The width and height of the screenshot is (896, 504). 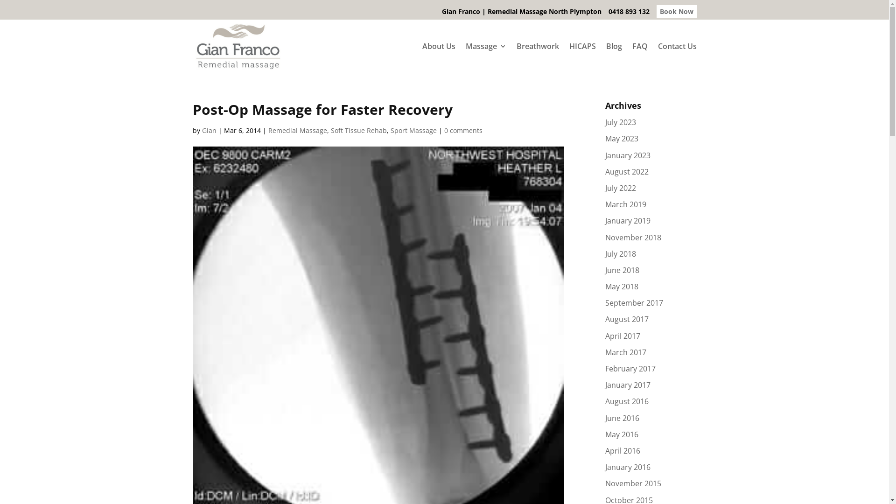 What do you see at coordinates (630, 368) in the screenshot?
I see `'February 2017'` at bounding box center [630, 368].